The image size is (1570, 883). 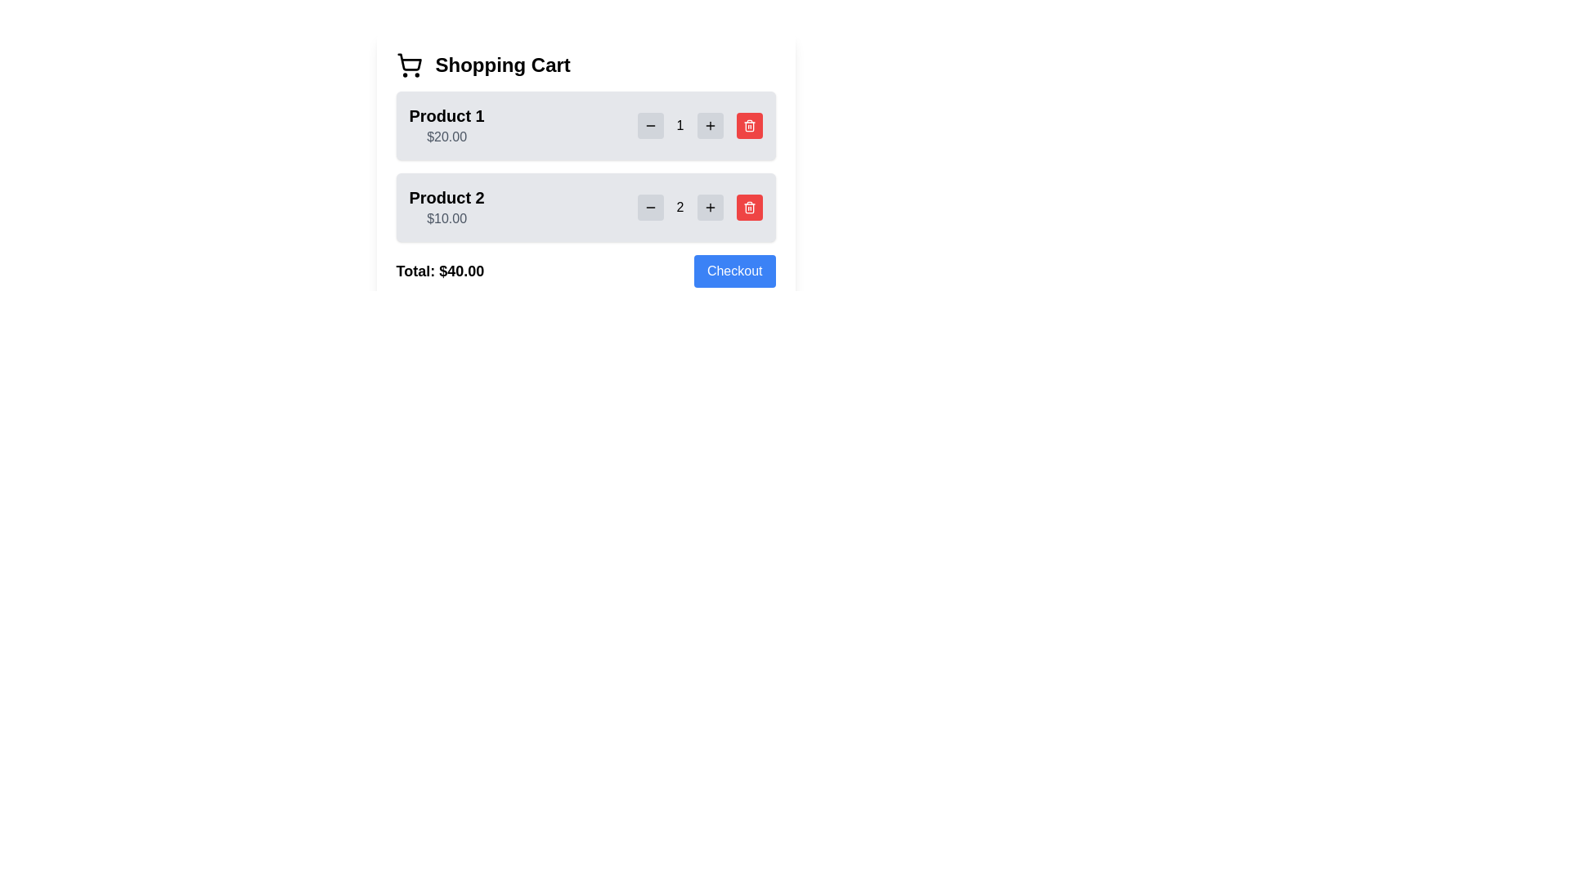 What do you see at coordinates (680, 207) in the screenshot?
I see `the numeric value '2' displayed in a bold font within the shopping cart interface, which is located in the second row of the product list between the minus sign and plus sign icons` at bounding box center [680, 207].